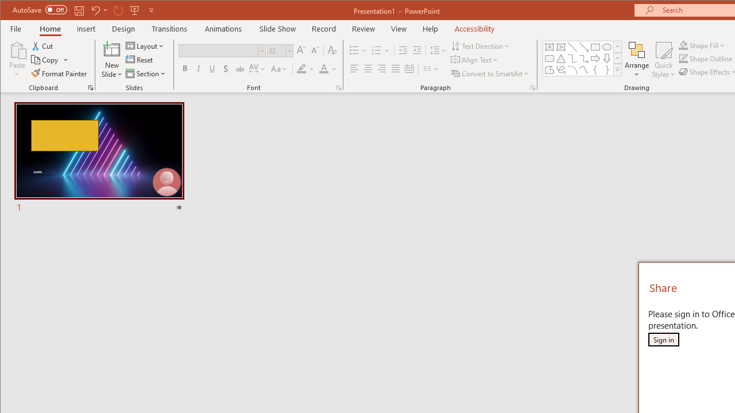 Image resolution: width=735 pixels, height=413 pixels. Describe the element at coordinates (280, 69) in the screenshot. I see `'Change Case'` at that location.